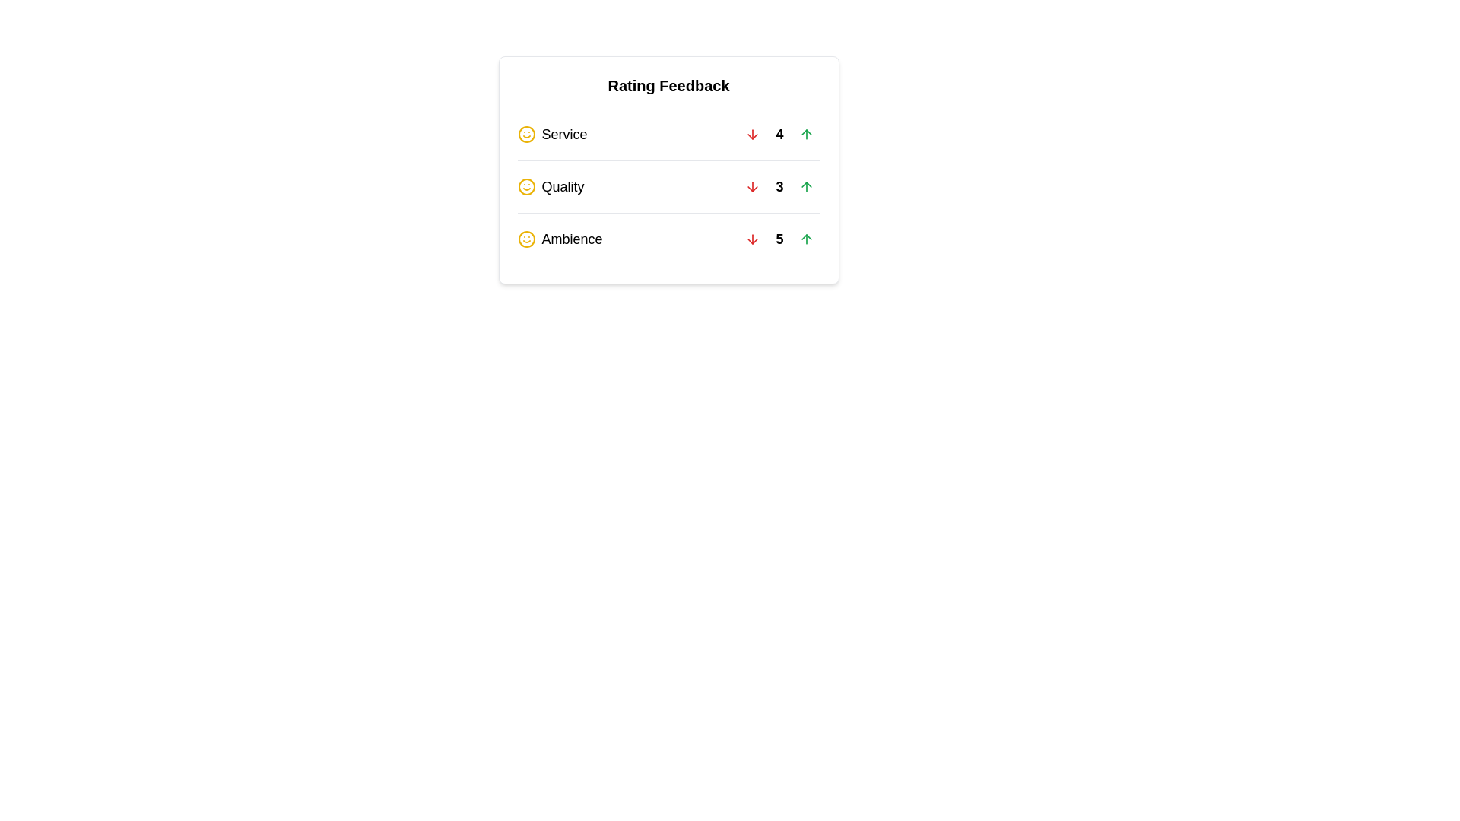 This screenshot has width=1460, height=821. I want to click on the 'Service' icon located to the left of the text 'Service' in the flexbox layout, so click(526, 134).